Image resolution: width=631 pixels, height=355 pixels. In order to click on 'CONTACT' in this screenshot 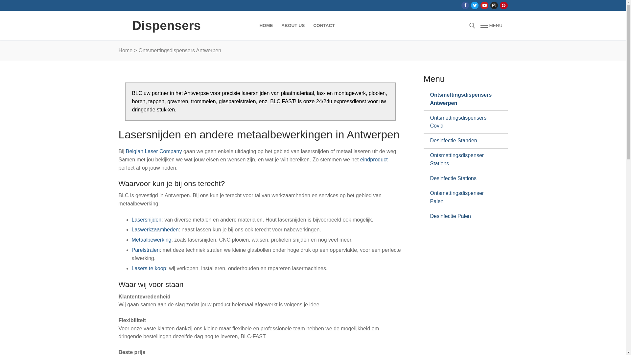, I will do `click(309, 25)`.